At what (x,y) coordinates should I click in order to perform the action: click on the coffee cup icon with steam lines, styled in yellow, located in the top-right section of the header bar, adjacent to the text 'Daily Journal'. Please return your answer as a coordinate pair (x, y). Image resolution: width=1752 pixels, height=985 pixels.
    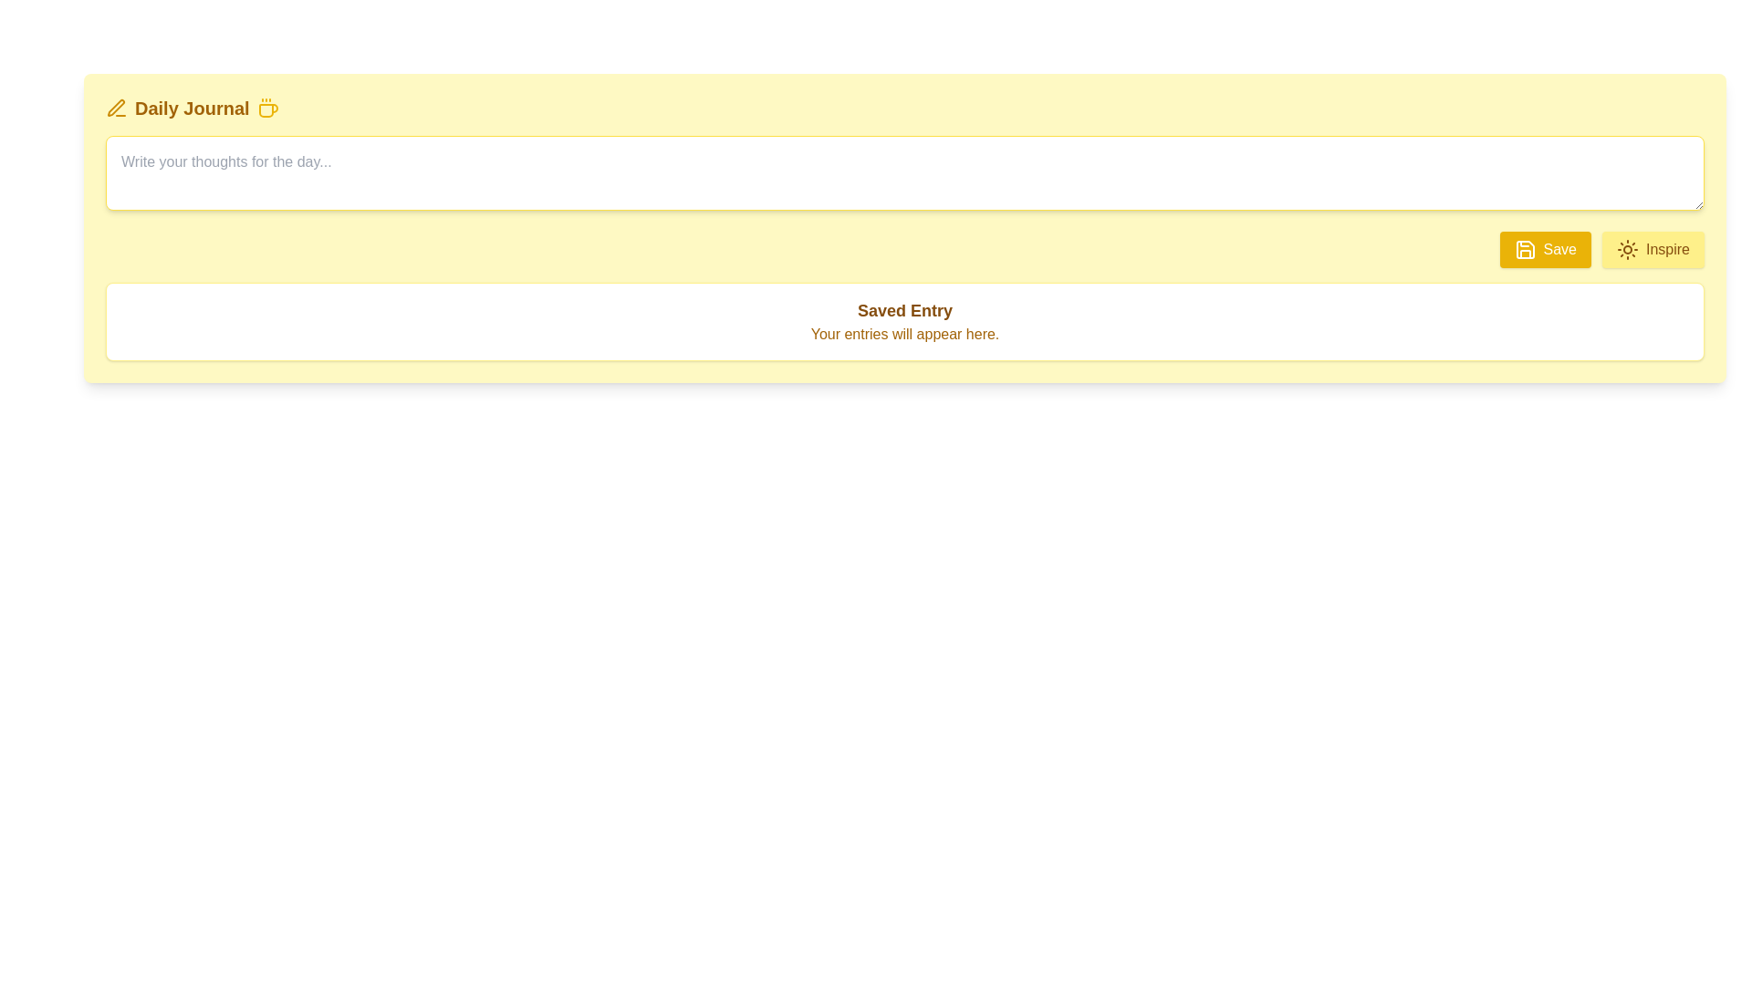
    Looking at the image, I should click on (266, 109).